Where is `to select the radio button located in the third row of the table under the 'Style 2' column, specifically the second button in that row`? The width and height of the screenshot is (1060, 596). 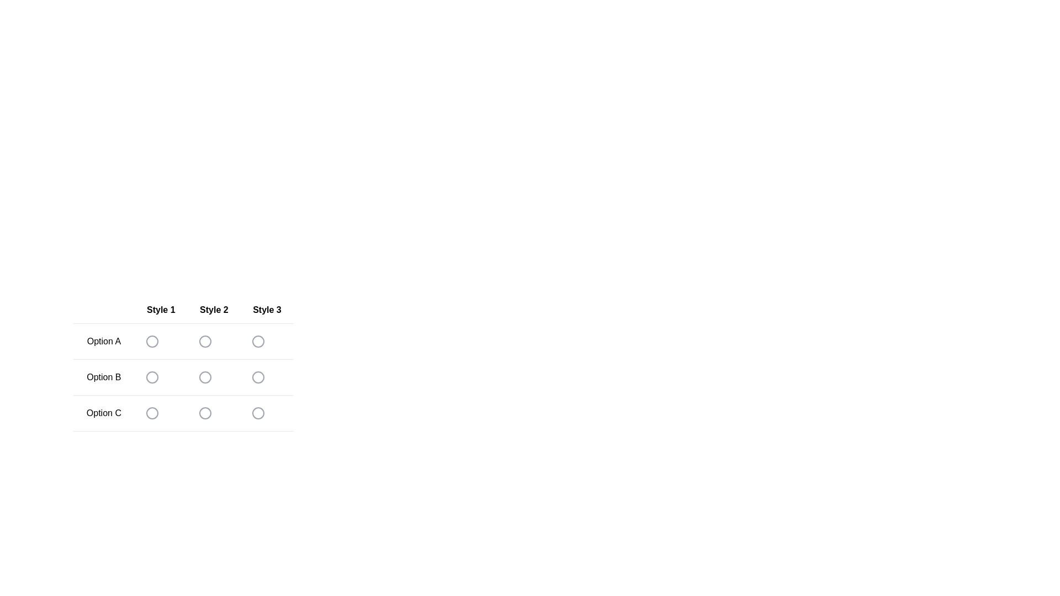 to select the radio button located in the third row of the table under the 'Style 2' column, specifically the second button in that row is located at coordinates (214, 413).